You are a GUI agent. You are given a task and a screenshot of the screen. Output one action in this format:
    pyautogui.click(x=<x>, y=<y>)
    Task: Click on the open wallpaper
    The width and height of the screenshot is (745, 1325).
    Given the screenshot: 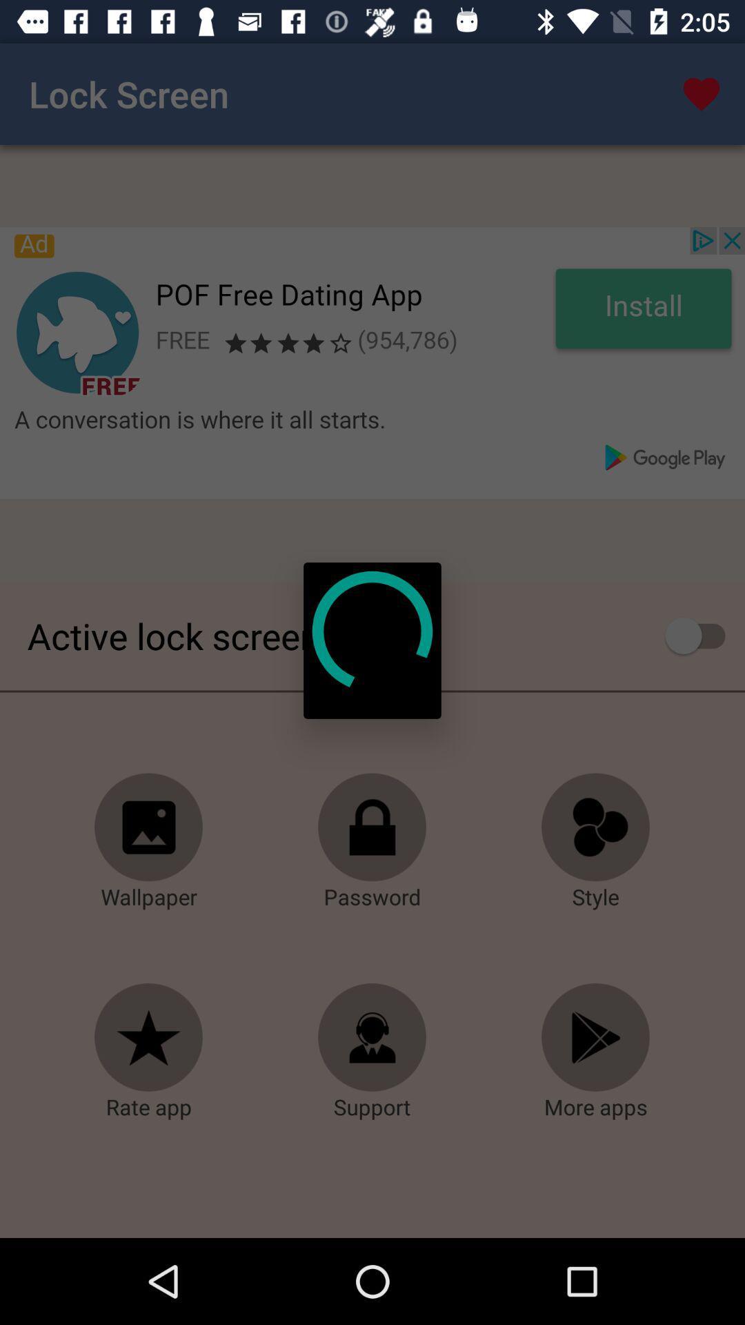 What is the action you would take?
    pyautogui.click(x=149, y=827)
    